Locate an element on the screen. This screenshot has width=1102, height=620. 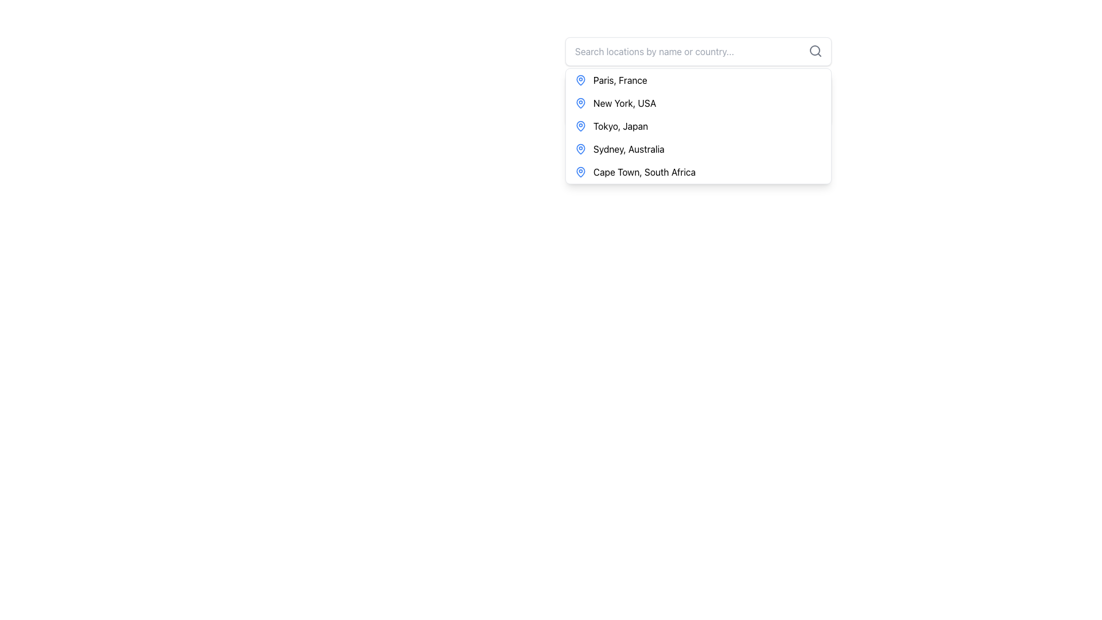
the search SVG icon located at the right end of the search box is located at coordinates (814, 50).